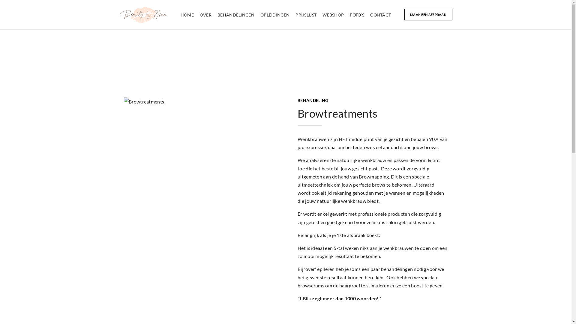 The width and height of the screenshot is (576, 324). Describe the element at coordinates (187, 14) in the screenshot. I see `'HOME'` at that location.